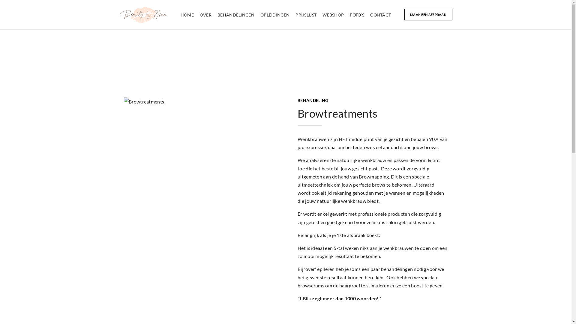 The width and height of the screenshot is (576, 324). Describe the element at coordinates (187, 14) in the screenshot. I see `'HOME'` at that location.